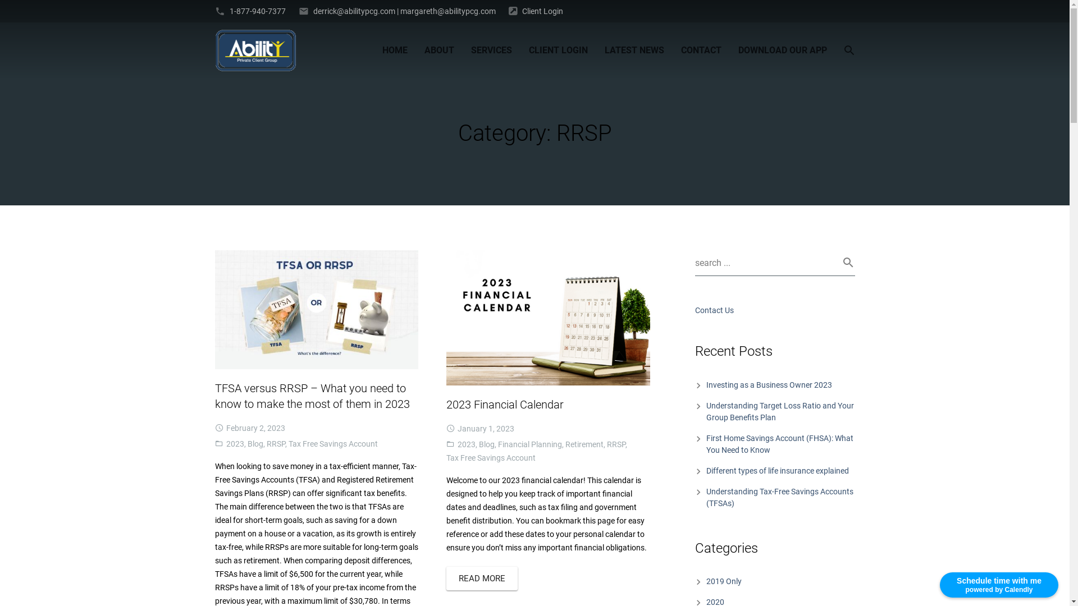 Image resolution: width=1078 pixels, height=606 pixels. I want to click on 'ABOUT', so click(438, 49).